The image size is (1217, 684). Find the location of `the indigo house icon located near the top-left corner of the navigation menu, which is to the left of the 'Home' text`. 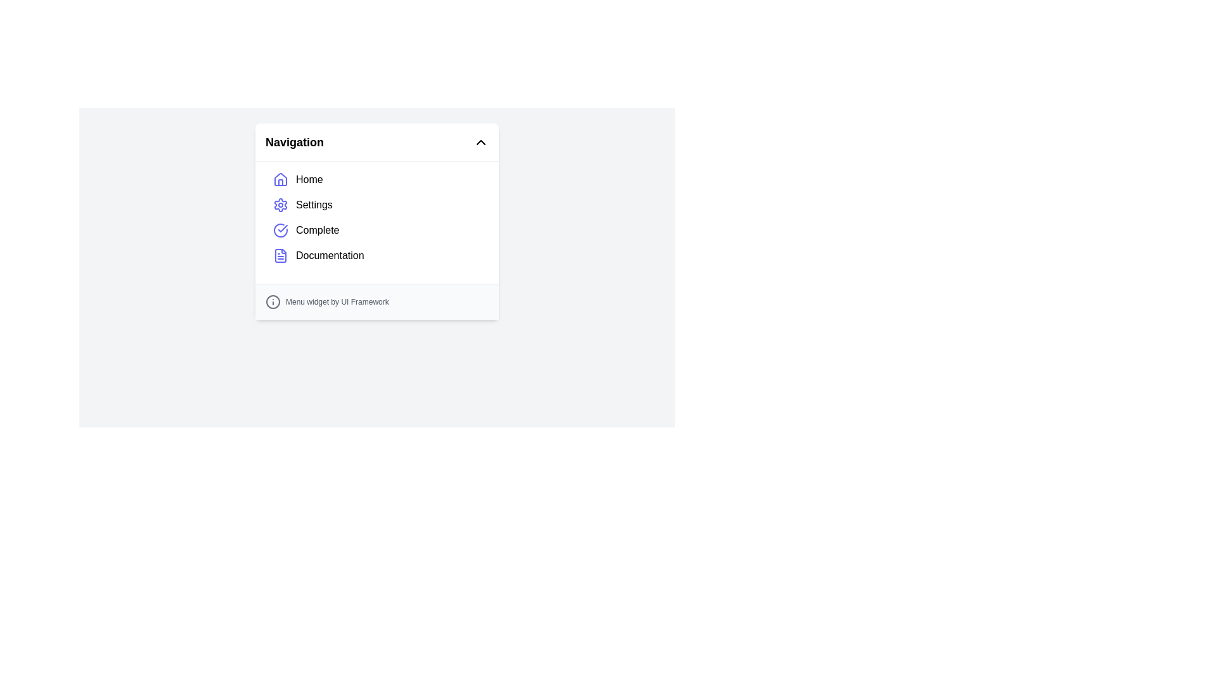

the indigo house icon located near the top-left corner of the navigation menu, which is to the left of the 'Home' text is located at coordinates (280, 180).